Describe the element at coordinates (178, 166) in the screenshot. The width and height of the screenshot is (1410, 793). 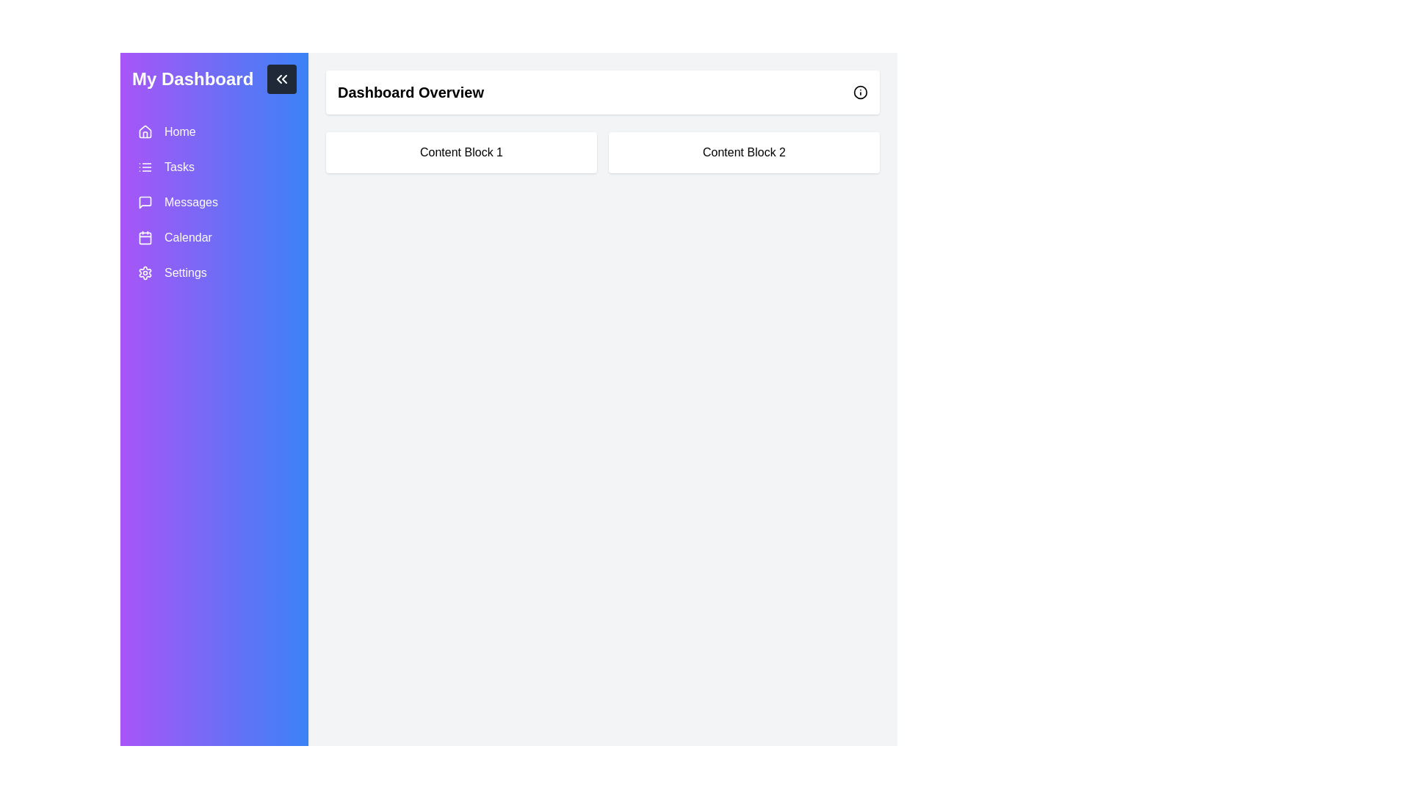
I see `the 'Tasks' label in the navigation sidebar` at that location.